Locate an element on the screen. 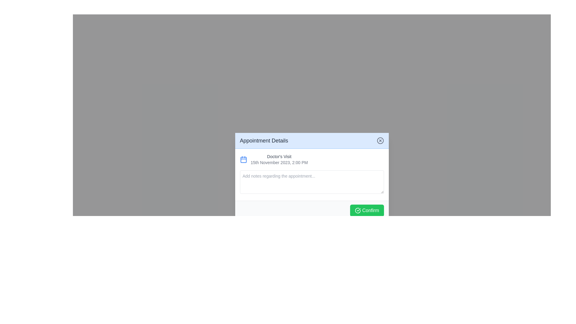 This screenshot has width=576, height=324. the text label displaying '15th November 2023, 2:00 PM', which is positioned below the 'Doctor's Visit' label is located at coordinates (279, 162).